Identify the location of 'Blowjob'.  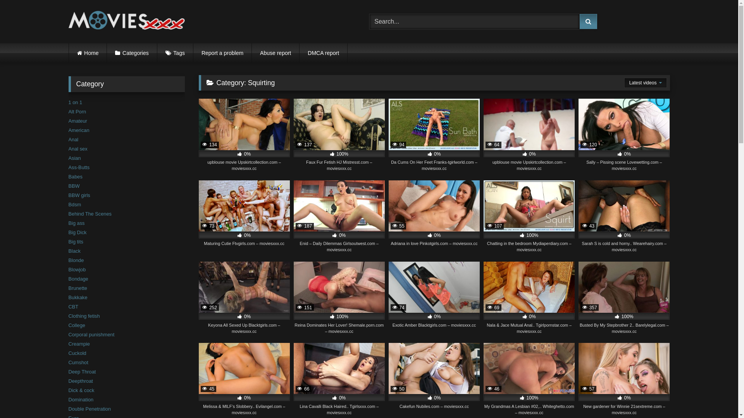
(68, 269).